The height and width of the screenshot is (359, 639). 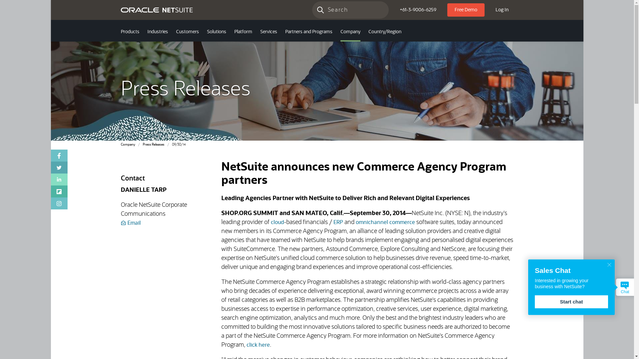 What do you see at coordinates (217, 32) in the screenshot?
I see `'Solutions'` at bounding box center [217, 32].